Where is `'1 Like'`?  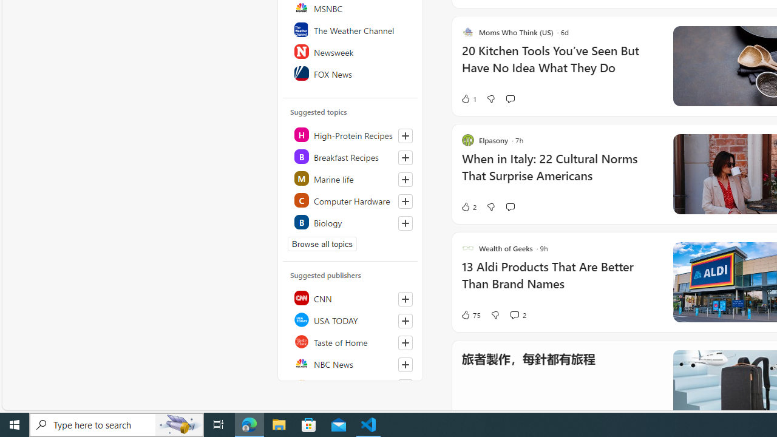 '1 Like' is located at coordinates (467, 98).